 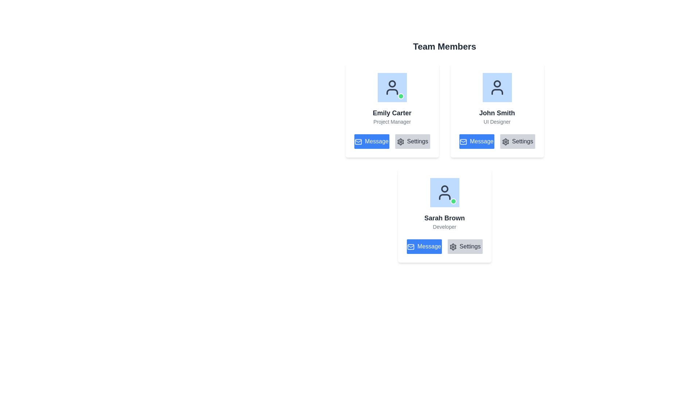 What do you see at coordinates (444, 46) in the screenshot?
I see `text displayed in the Text Label that denotes the title or heading for the section containing information about team members, which is located at the uppermost part of the page layout and is horizontally centered` at bounding box center [444, 46].